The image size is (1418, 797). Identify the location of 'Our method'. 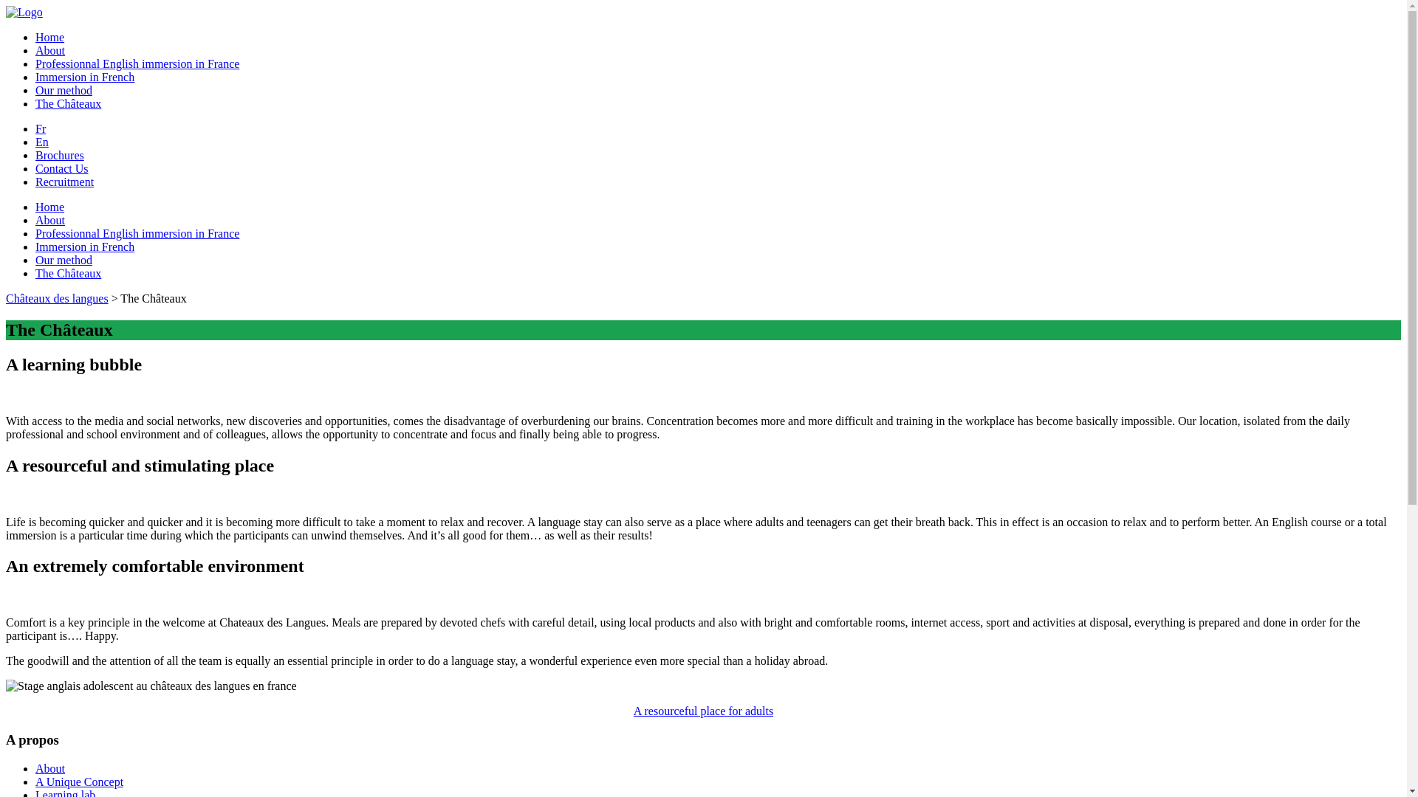
(63, 90).